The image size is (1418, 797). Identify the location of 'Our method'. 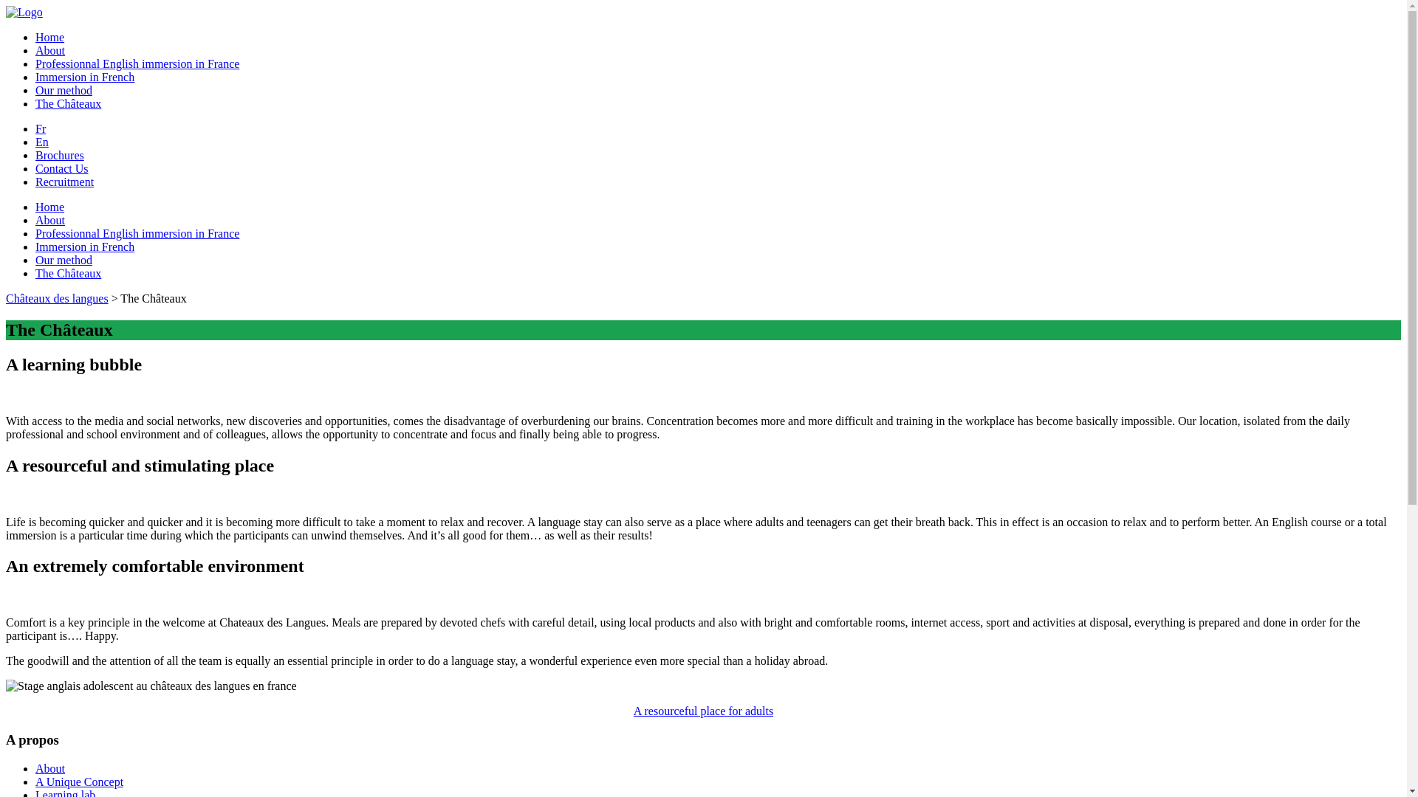
(63, 90).